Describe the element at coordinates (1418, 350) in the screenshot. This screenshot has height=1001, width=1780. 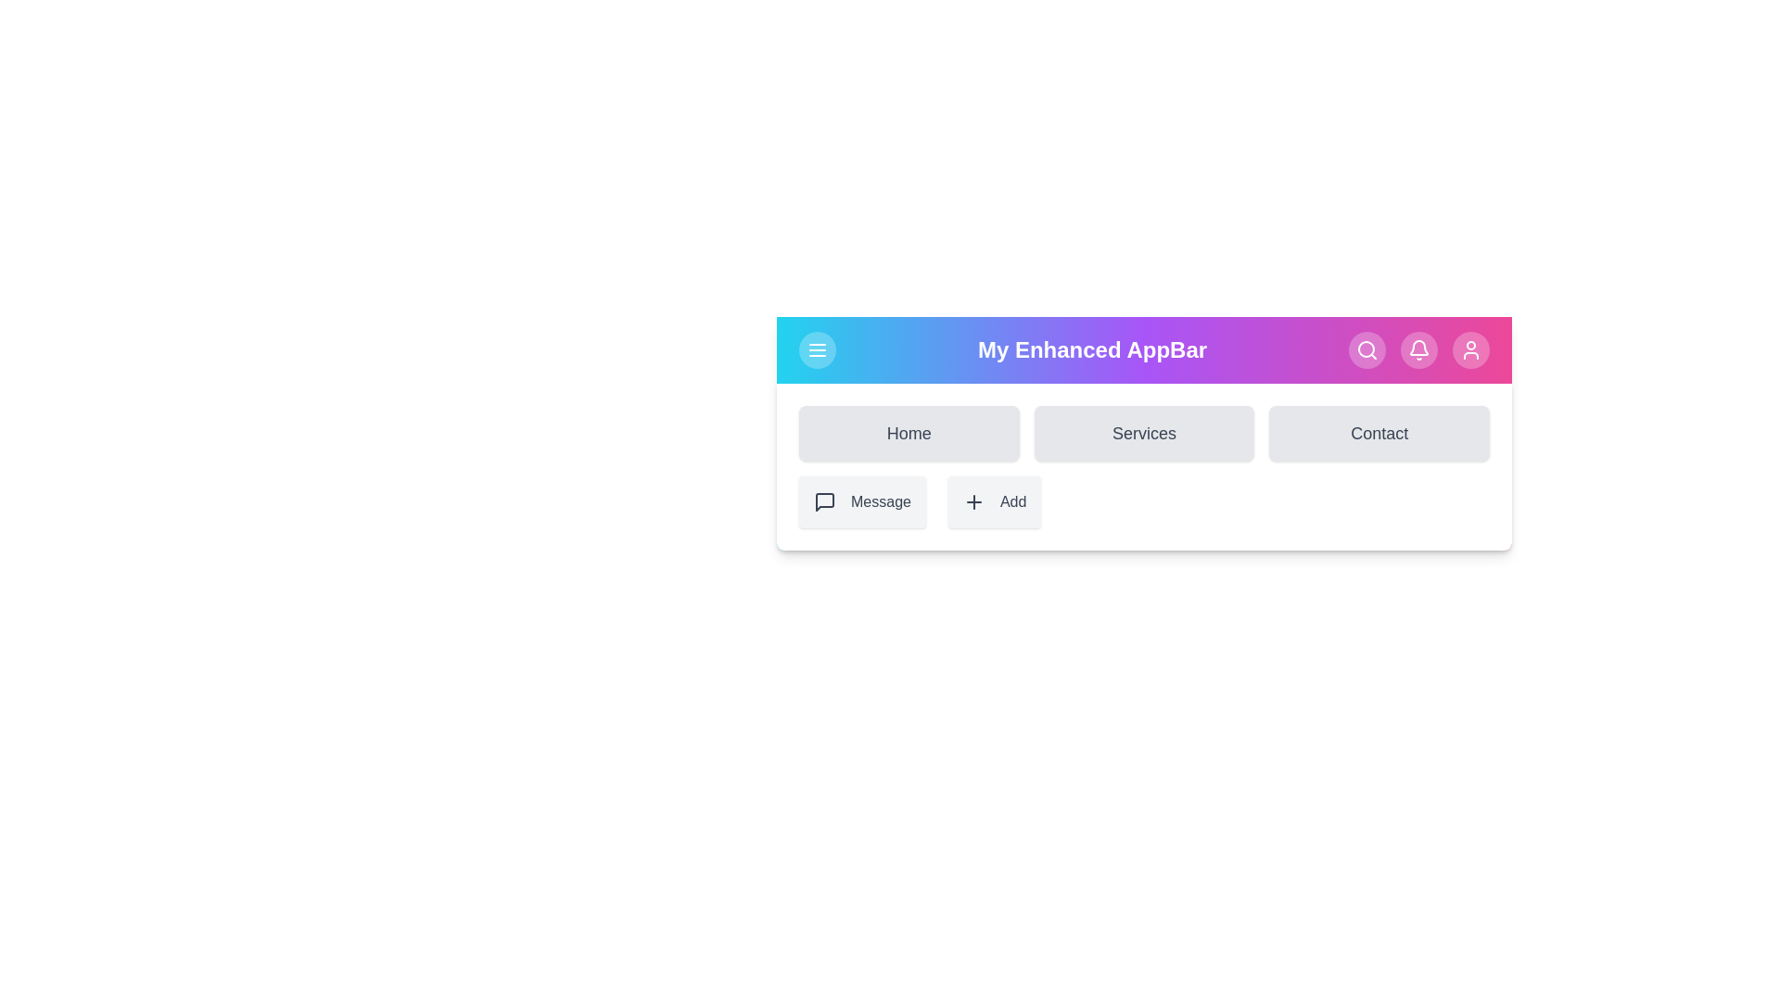
I see `the toolbar icon Notifications to perform its associated action` at that location.